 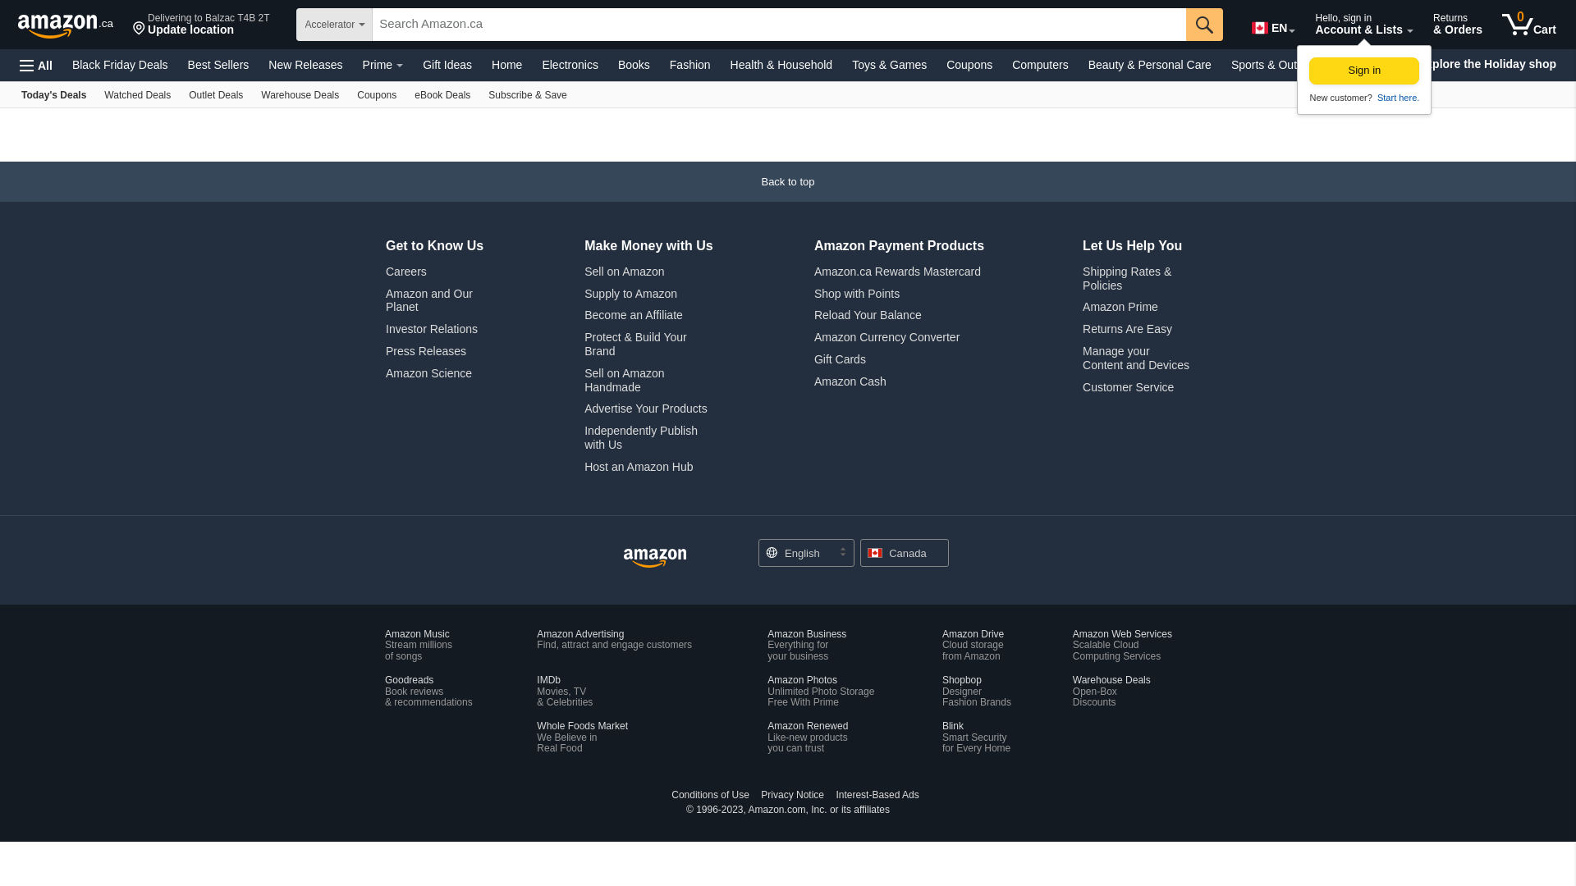 What do you see at coordinates (1083, 307) in the screenshot?
I see `'Amazon Prime'` at bounding box center [1083, 307].